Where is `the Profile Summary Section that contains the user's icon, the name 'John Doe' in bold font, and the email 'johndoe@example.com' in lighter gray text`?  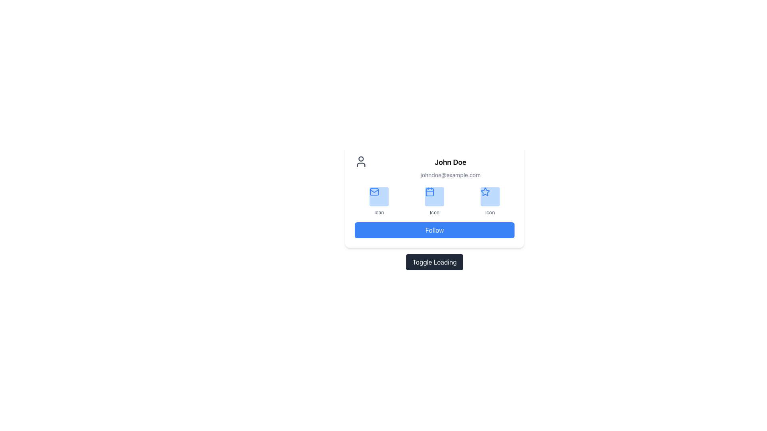
the Profile Summary Section that contains the user's icon, the name 'John Doe' in bold font, and the email 'johndoe@example.com' in lighter gray text is located at coordinates (434, 167).